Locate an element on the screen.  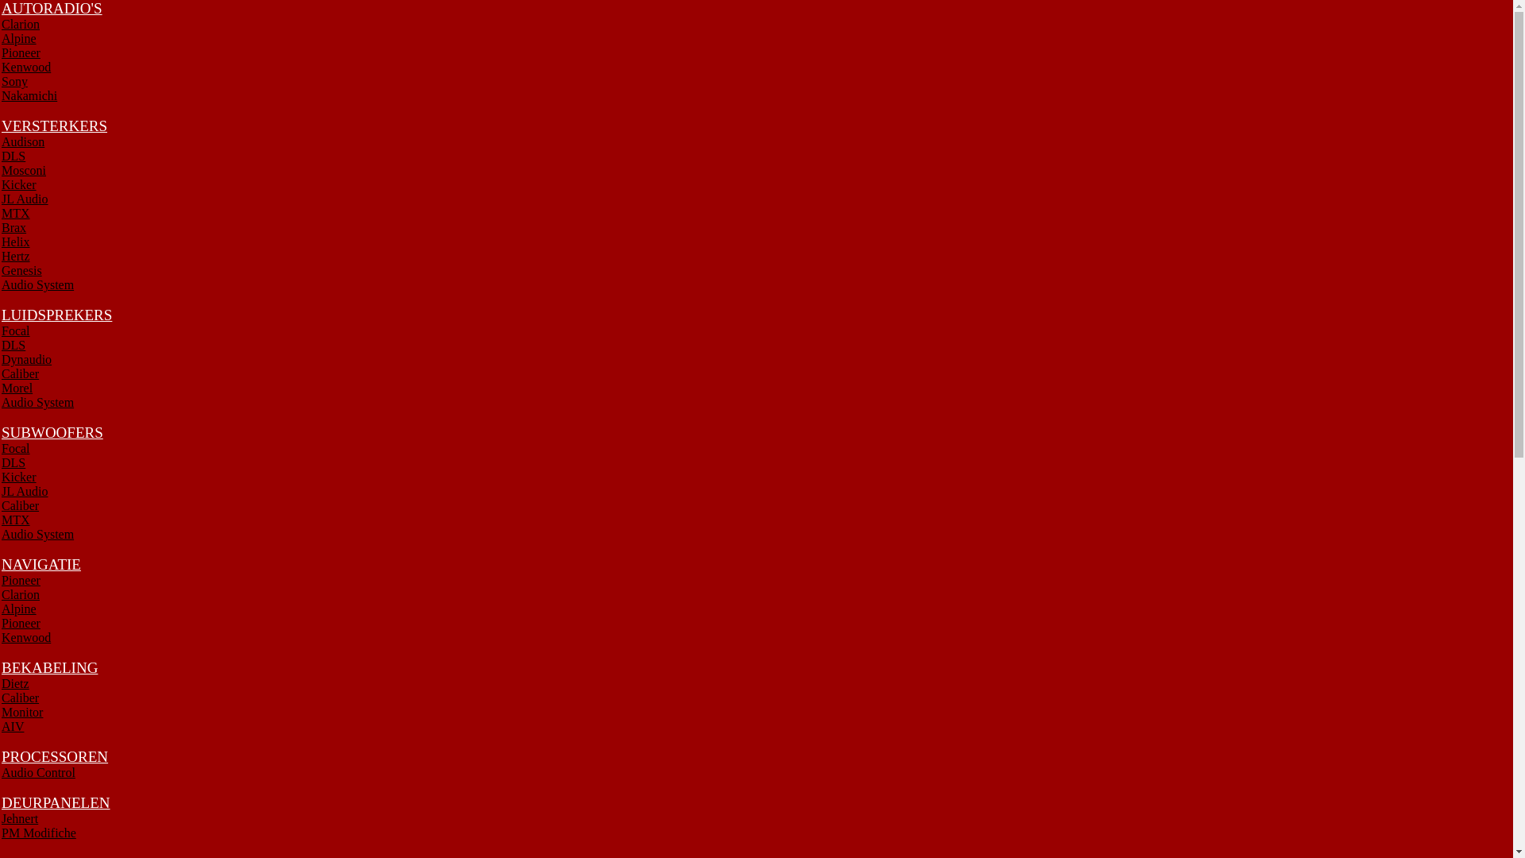
'Monitor' is located at coordinates (1, 711).